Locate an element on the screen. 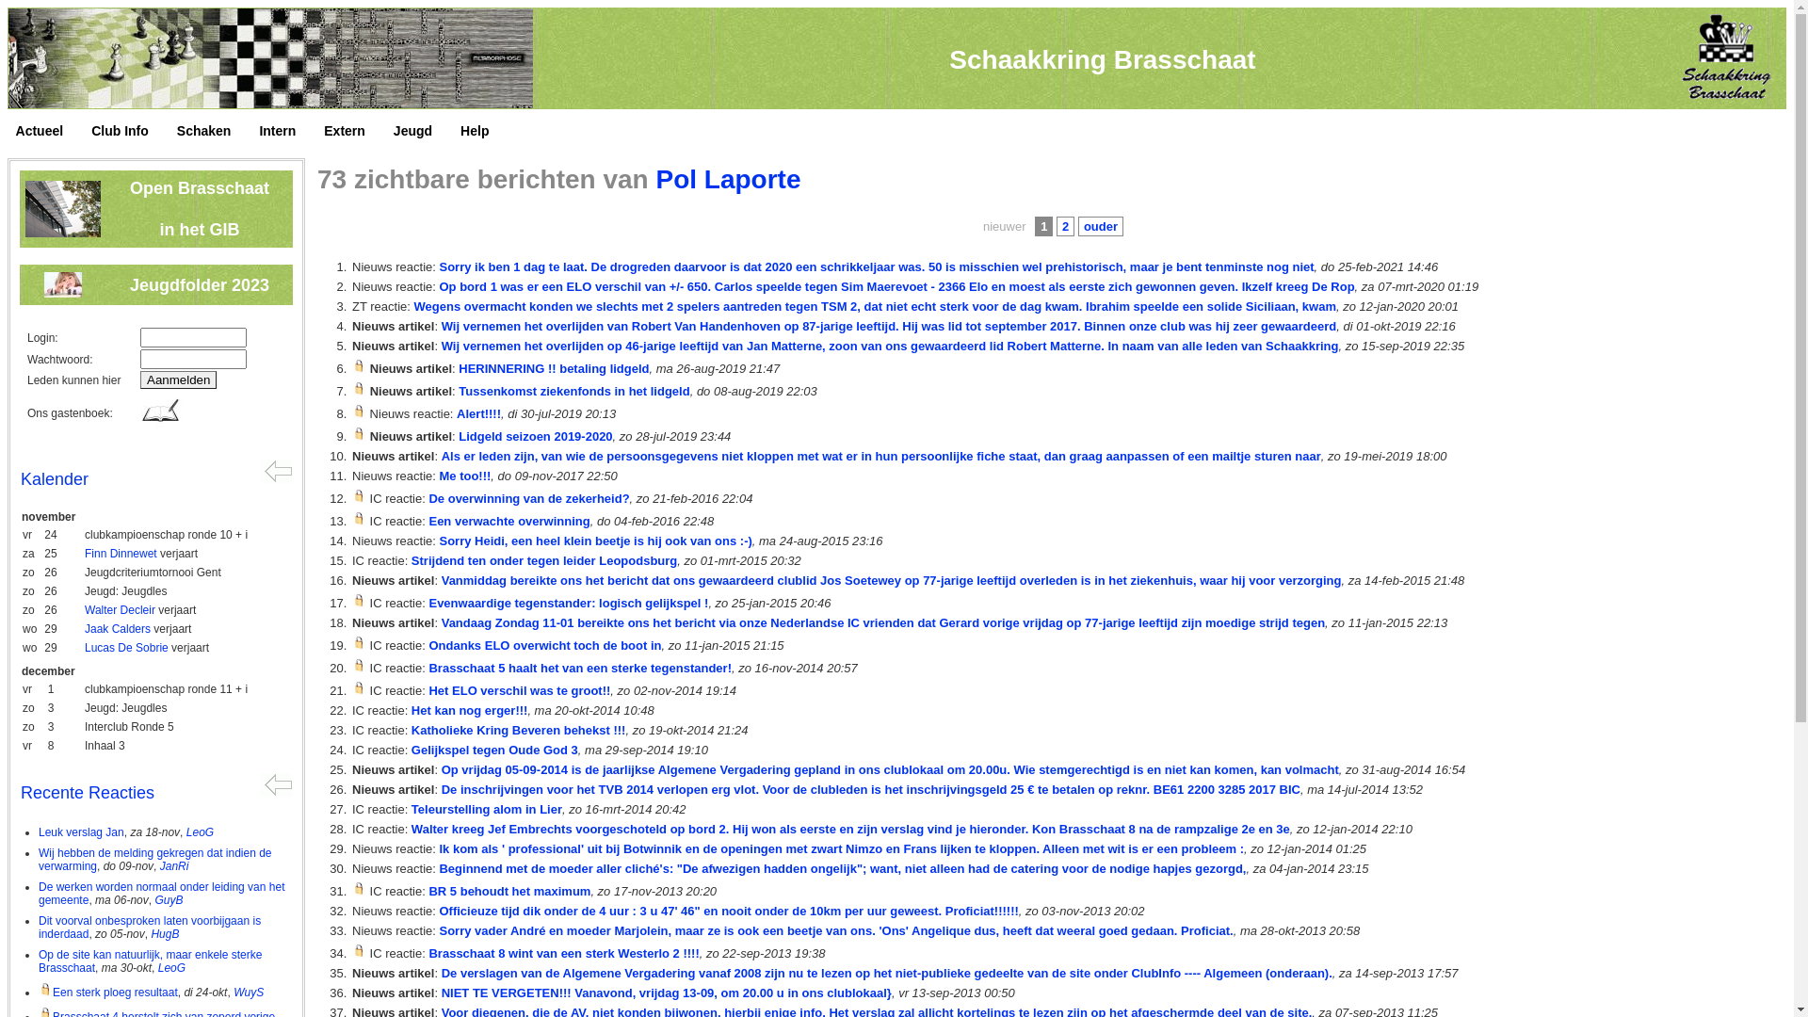  'Finn Dinnewet' is located at coordinates (120, 552).